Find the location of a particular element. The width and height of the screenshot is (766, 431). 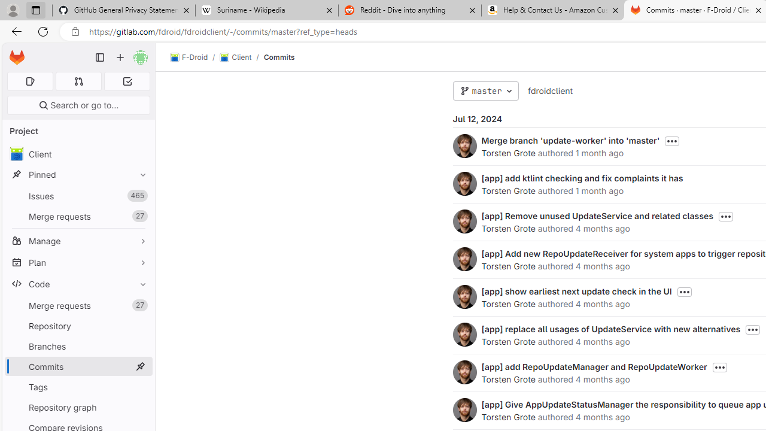

'Merge requests 27' is located at coordinates (78, 305).